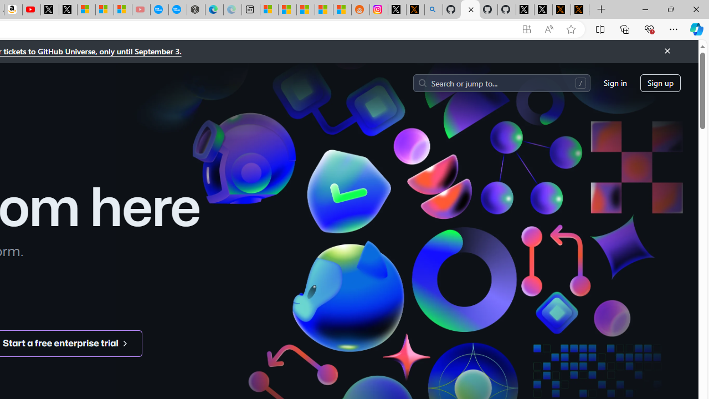 This screenshot has width=709, height=399. I want to click on 'Shanghai, China Weather trends | Microsoft Weather', so click(341, 9).